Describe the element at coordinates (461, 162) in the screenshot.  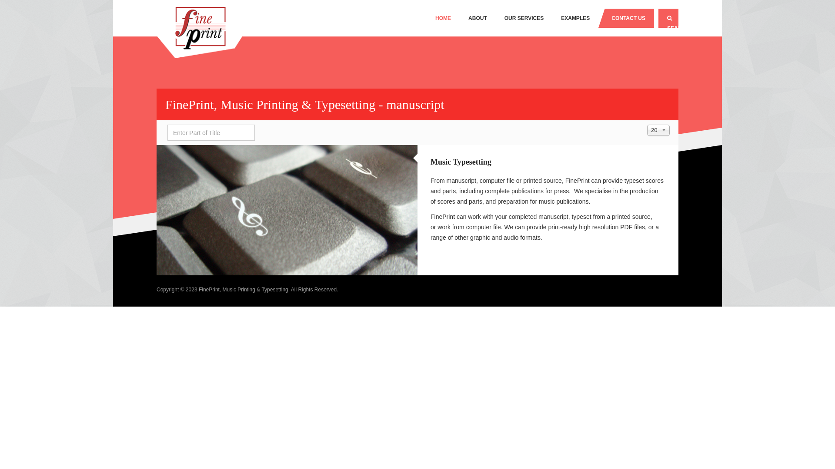
I see `'Music Typesetting'` at that location.